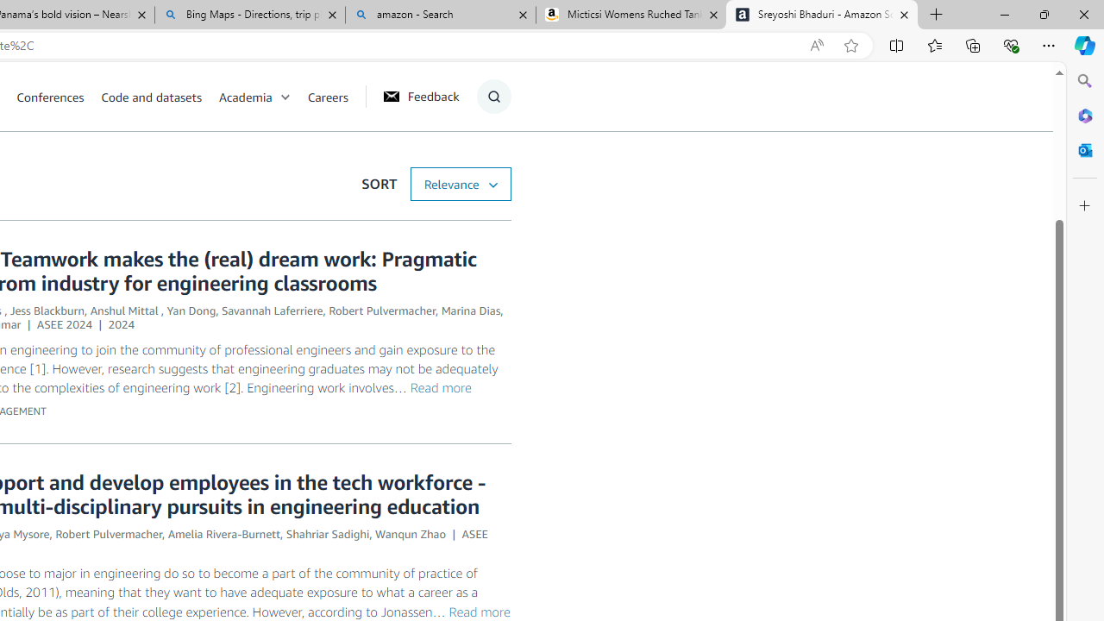 This screenshot has width=1104, height=621. Describe the element at coordinates (285, 96) in the screenshot. I see `'Open Sub Navigation'` at that location.